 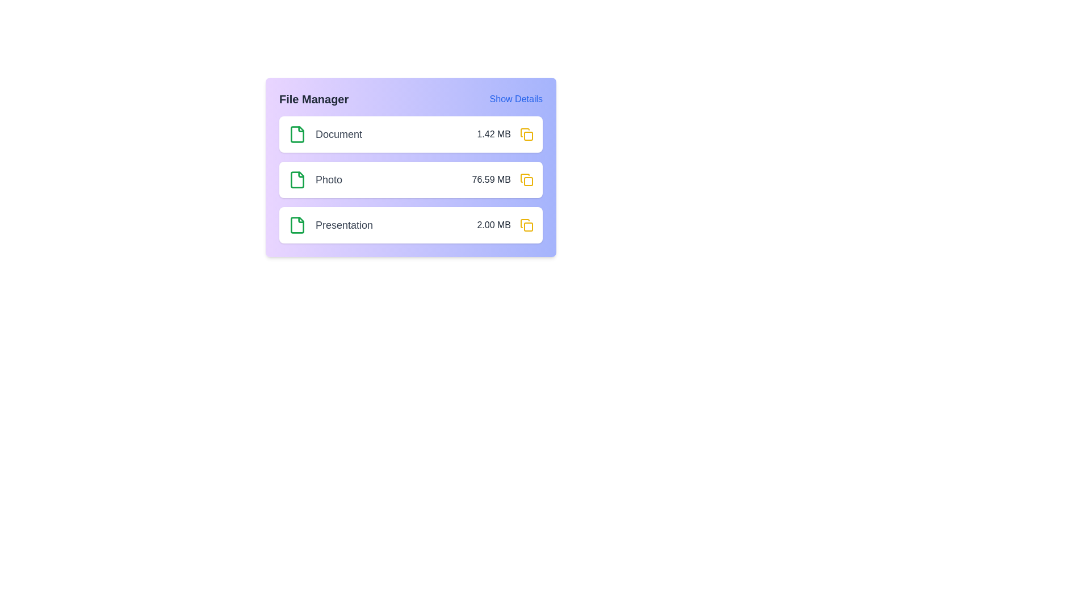 What do you see at coordinates (526, 133) in the screenshot?
I see `the yellow copy icon located to the right of the '1.42 MB' text label in the Document entry row to copy data` at bounding box center [526, 133].